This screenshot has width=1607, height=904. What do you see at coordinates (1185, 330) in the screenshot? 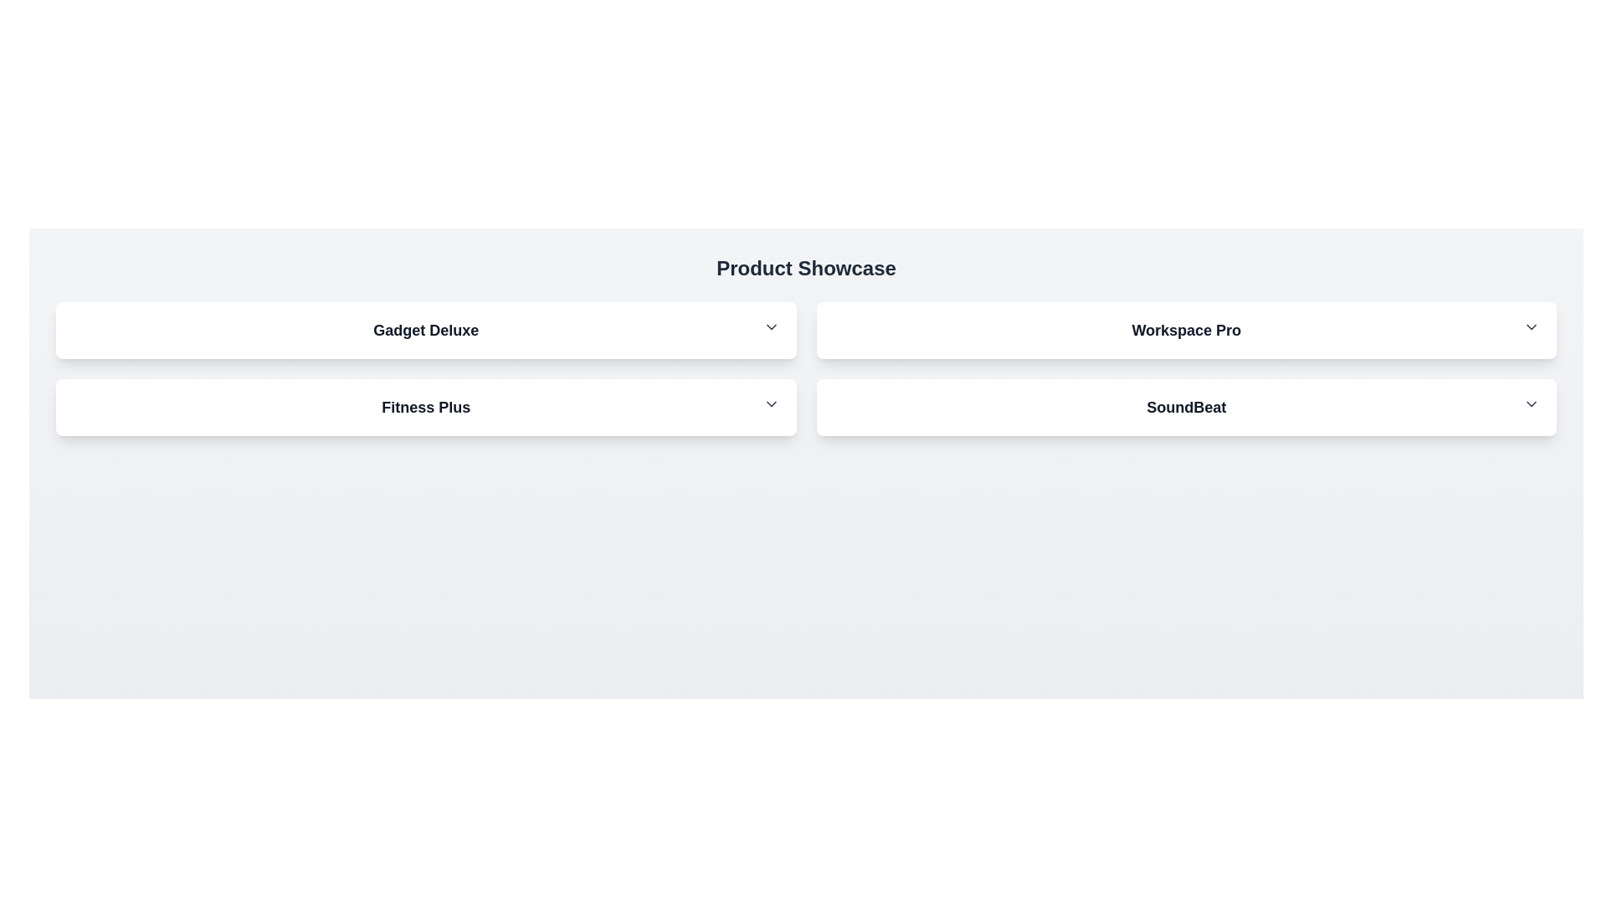
I see `the 'Workspace Pro' text label, which is styled with a bold font and dark gray color, located in the top-right quadrant of the layout grid` at bounding box center [1185, 330].